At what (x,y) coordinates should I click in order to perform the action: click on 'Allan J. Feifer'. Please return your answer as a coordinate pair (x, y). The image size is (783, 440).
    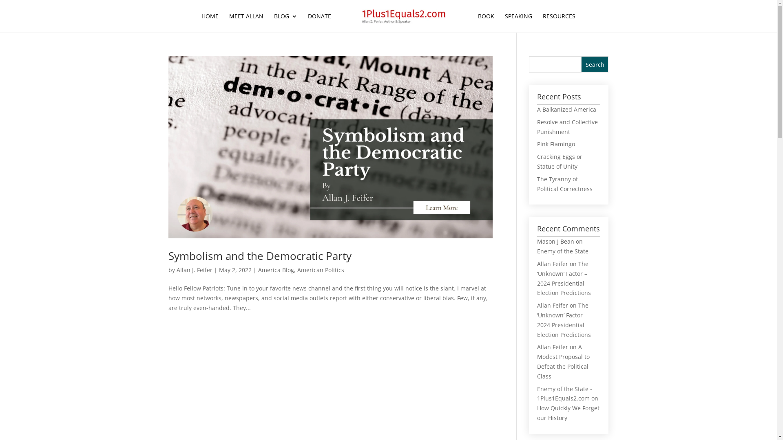
    Looking at the image, I should click on (176, 270).